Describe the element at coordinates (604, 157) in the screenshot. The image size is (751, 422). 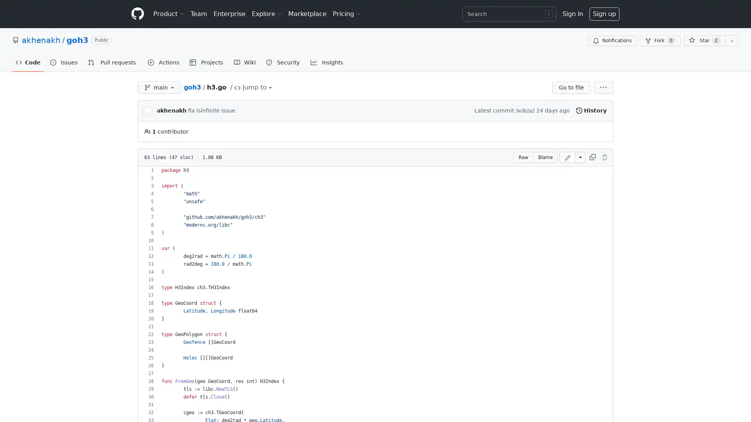
I see `You must be signed in to make or propose changes` at that location.